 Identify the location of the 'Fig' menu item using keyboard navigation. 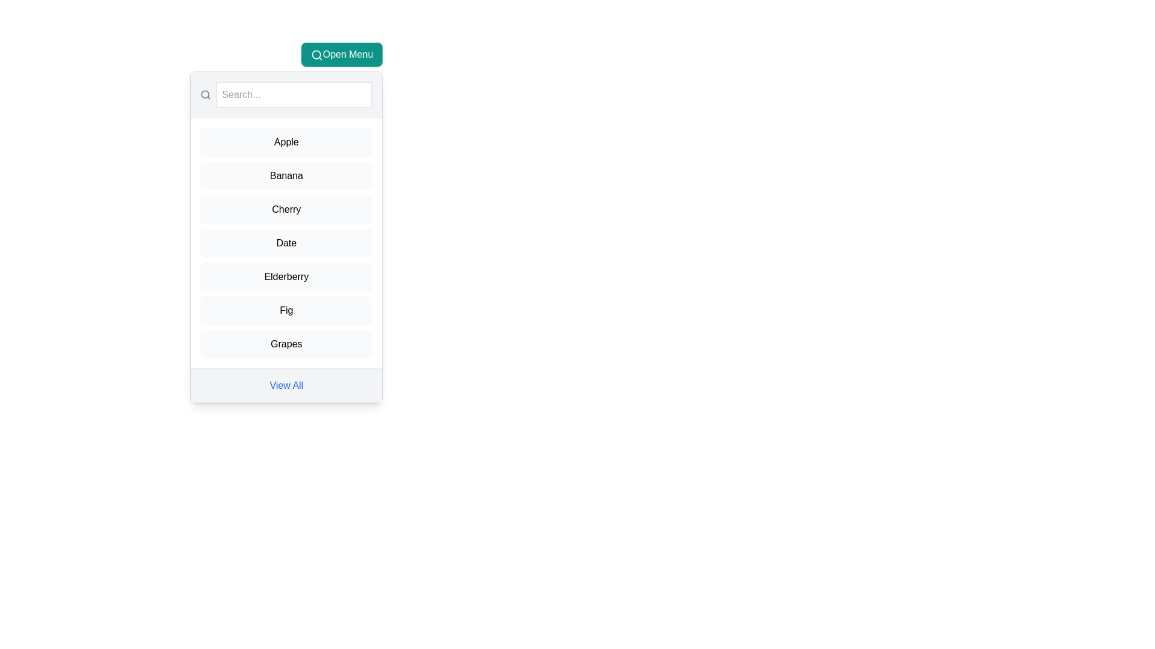
(286, 309).